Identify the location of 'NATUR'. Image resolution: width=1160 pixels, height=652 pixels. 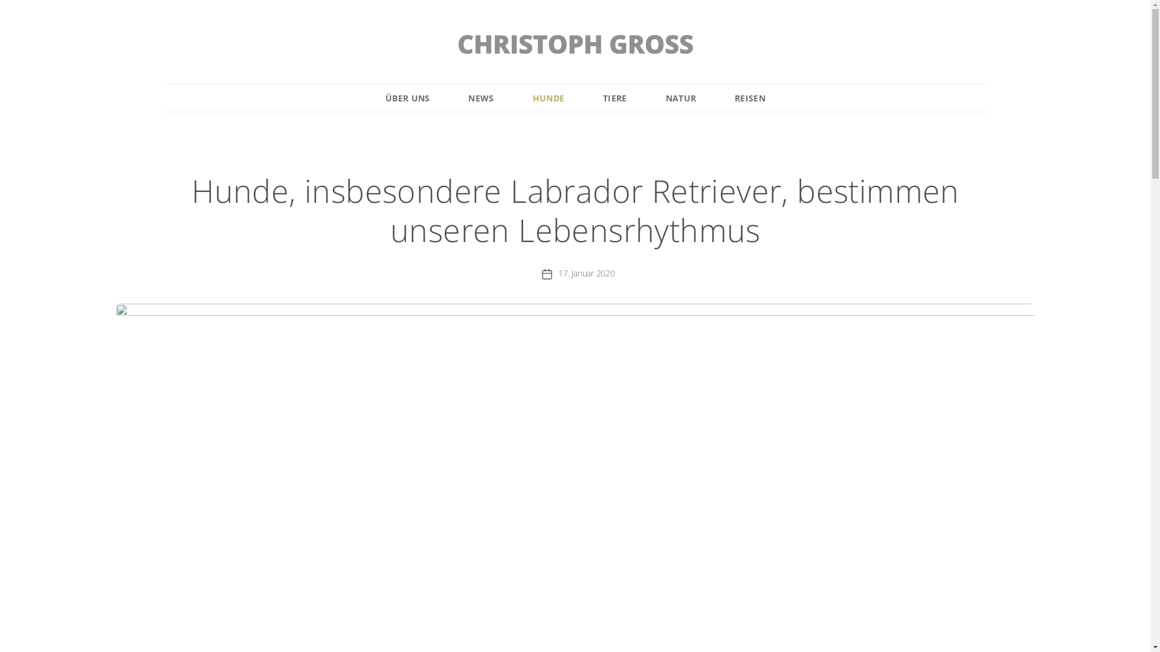
(681, 97).